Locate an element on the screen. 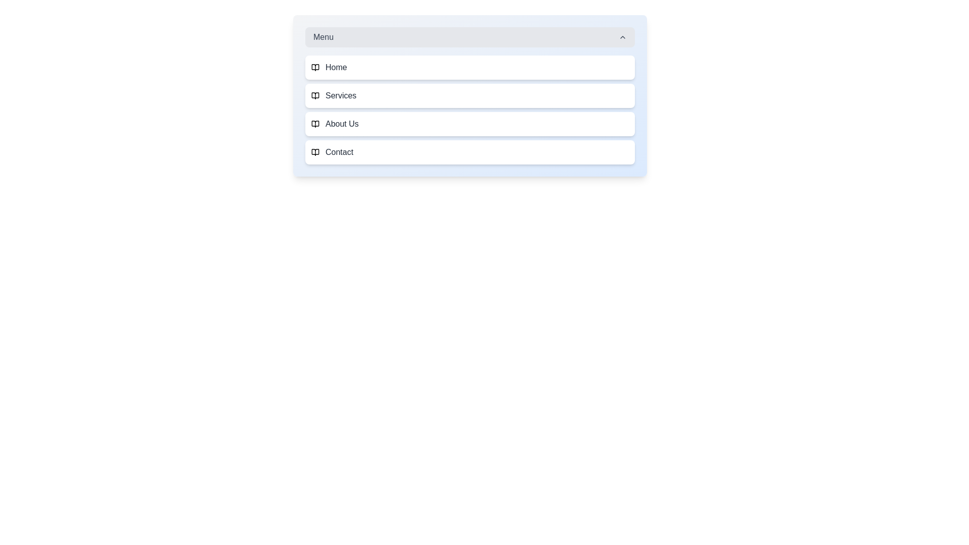  the Text Label in the third row of the vertical menu list that redirects to the 'About Us' page is located at coordinates (342, 124).